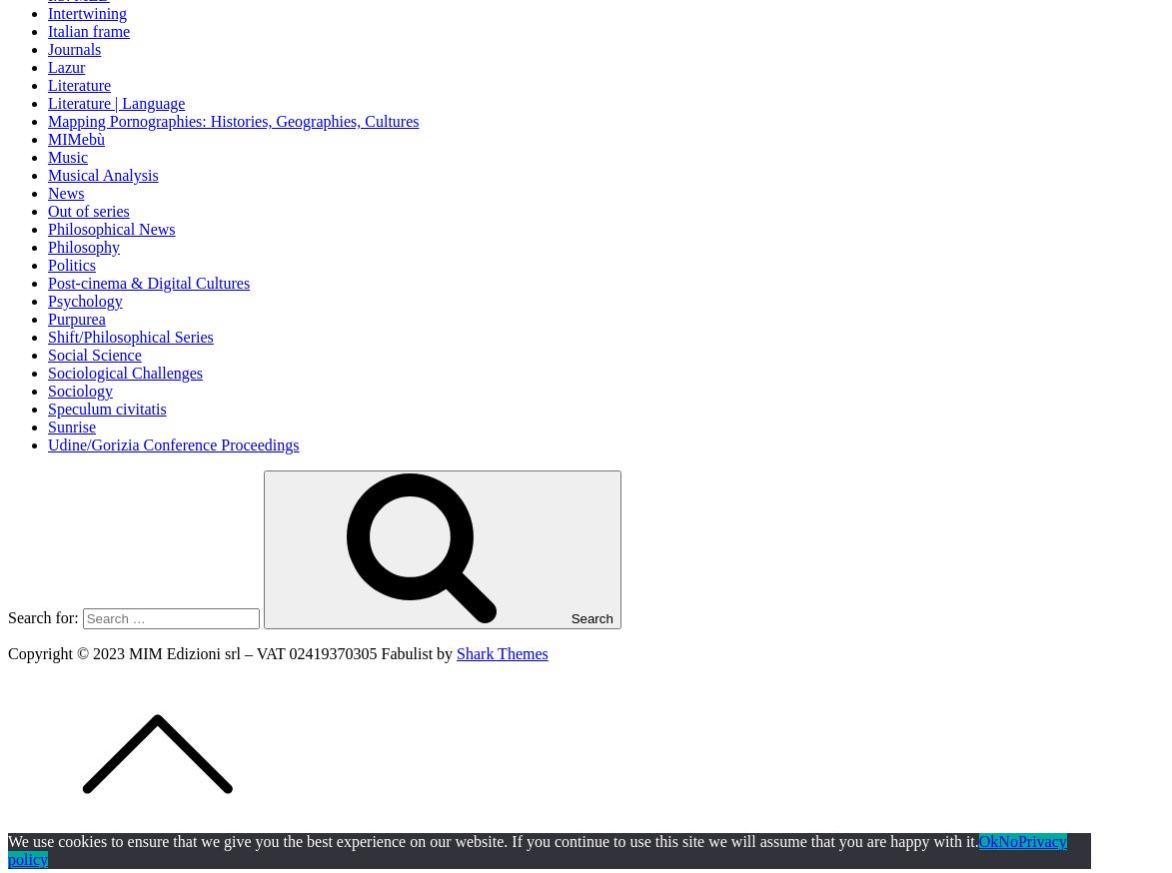 The image size is (1172, 873). Describe the element at coordinates (47, 408) in the screenshot. I see `'Speculum civitatis'` at that location.